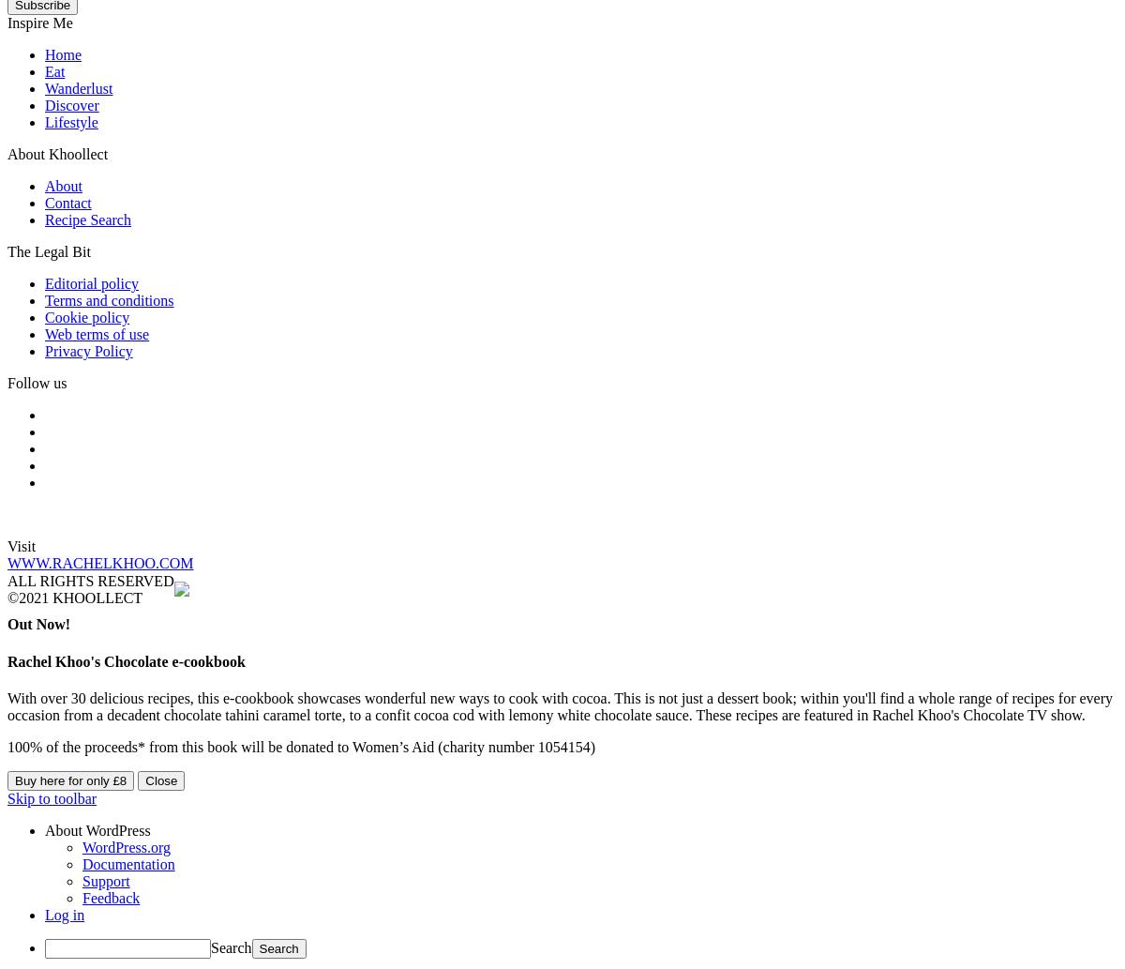 The height and width of the screenshot is (969, 1125). I want to click on 'The Legal Bit', so click(48, 250).